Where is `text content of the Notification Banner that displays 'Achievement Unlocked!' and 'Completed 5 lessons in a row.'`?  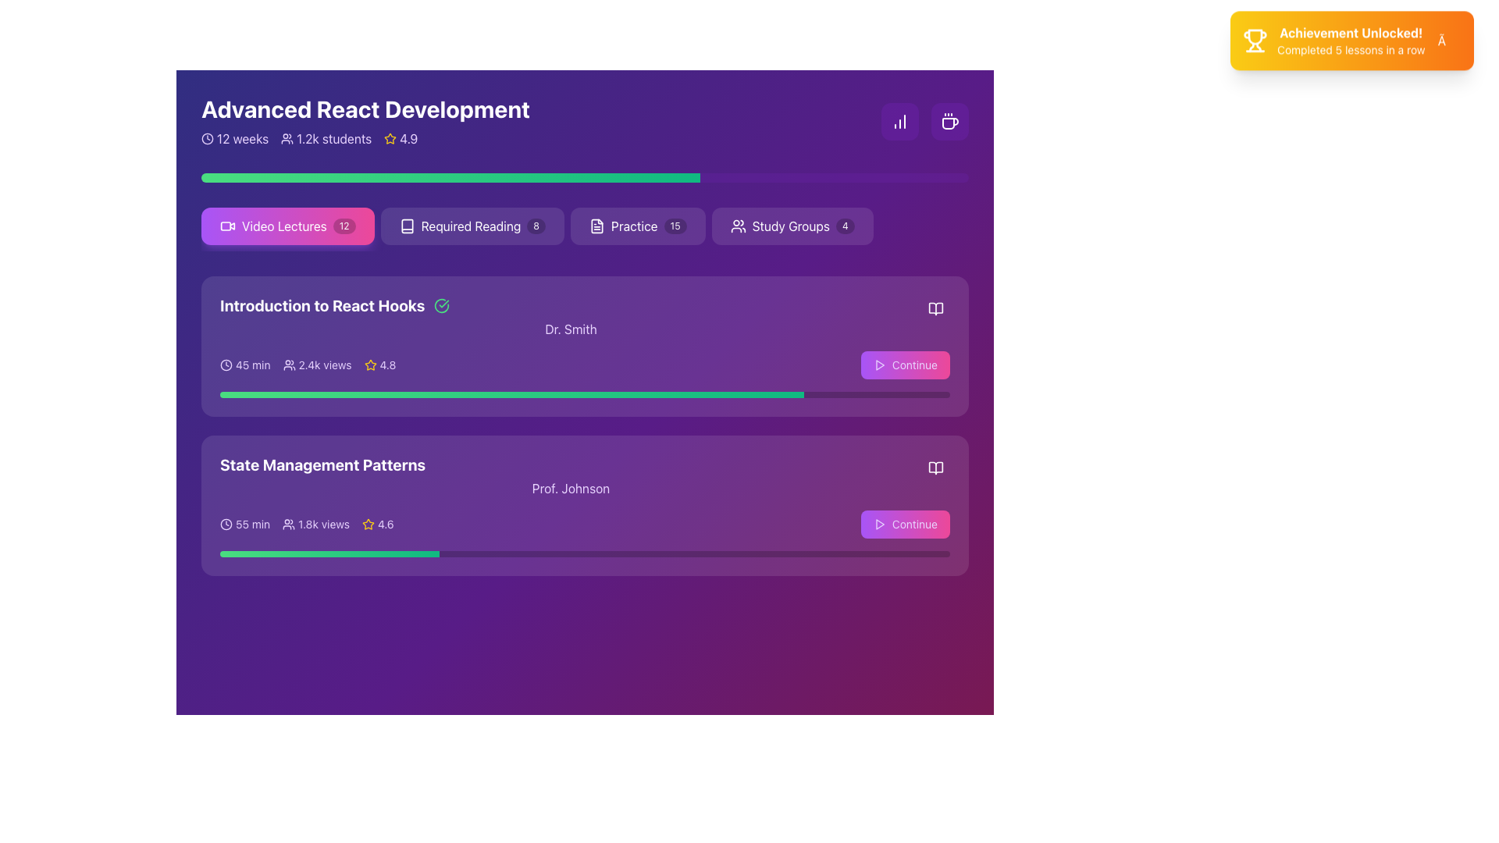 text content of the Notification Banner that displays 'Achievement Unlocked!' and 'Completed 5 lessons in a row.' is located at coordinates (1351, 46).